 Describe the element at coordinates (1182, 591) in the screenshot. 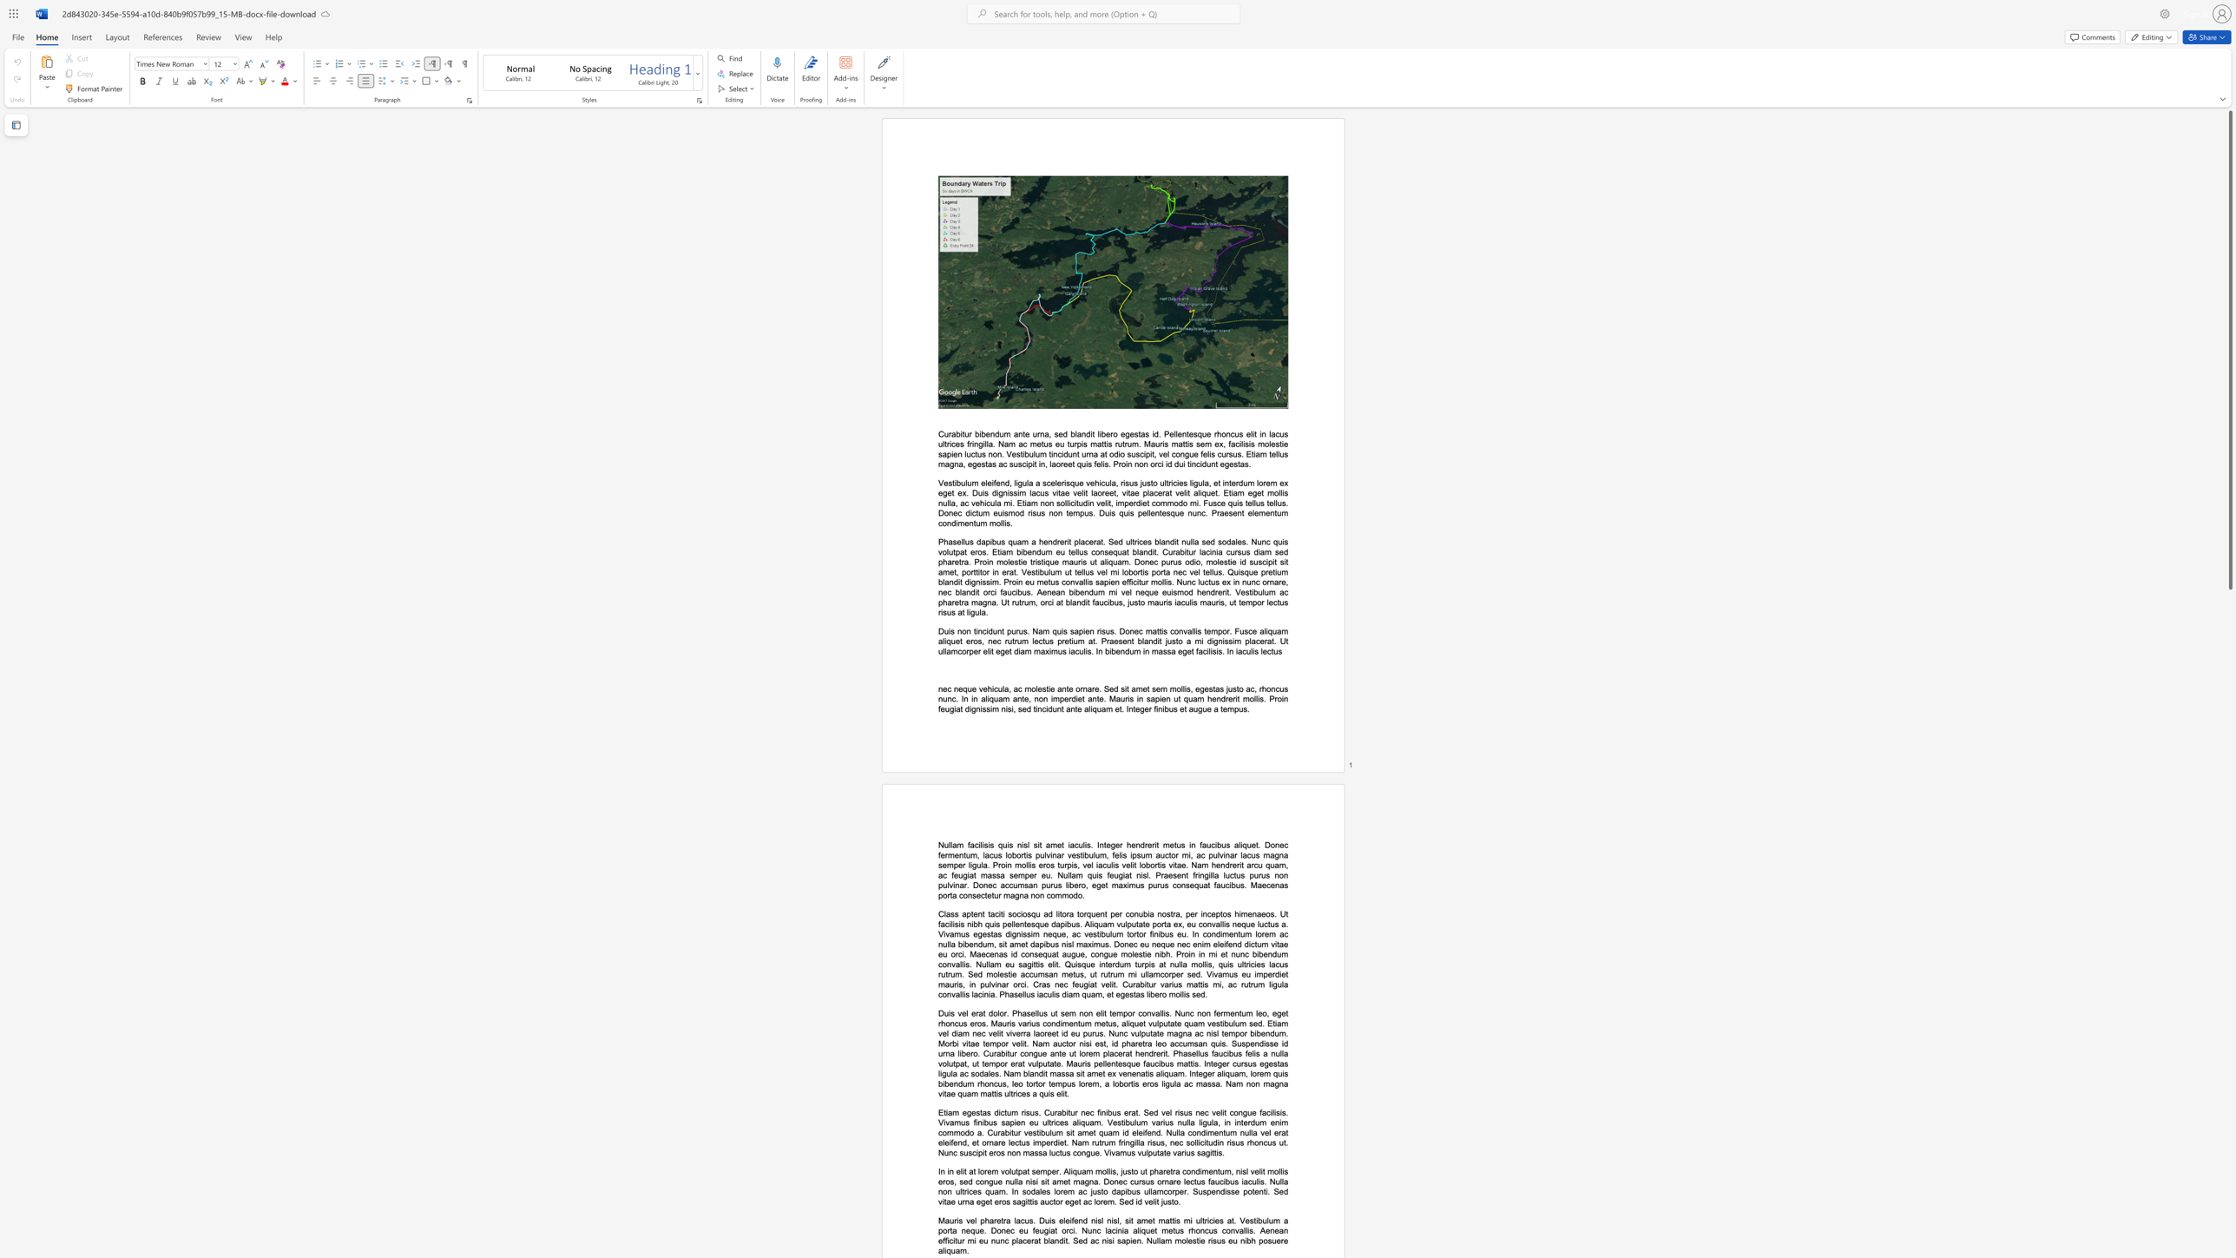

I see `the subset text "od hendrerit. Vestibulum ac pharetra magna. Ut rutrum, orci at blandit faucibus, justo mauris iaculis mauris, ut tempor lectus risus" within the text "Phasellus dapibus quam a hendrerit placerat. Sed ultrices blandit nulla sed sodales. Nunc quis volutpat eros. Etiam bibendum eu tellus consequat blandit. Curabitur lacinia cursus diam sed pharetra. Proin molestie tristique mauris ut aliquam. Donec purus odio, molestie id suscipit sit amet, porttitor in erat. Vestibulum ut tellus vel mi lobortis porta nec vel tellus. Quisque pretium blandit dignissim. Proin eu metus convallis sapien efficitur mollis. Nunc luctus ex in nunc ornare, nec blandit orci faucibus. Aenean bibendum mi vel neque euismod hendrerit. Vestibulum ac pharetra magna. Ut rutrum, orci at blandit faucibus, justo mauris iaculis mauris, ut tempor lectus risus at ligula."` at that location.